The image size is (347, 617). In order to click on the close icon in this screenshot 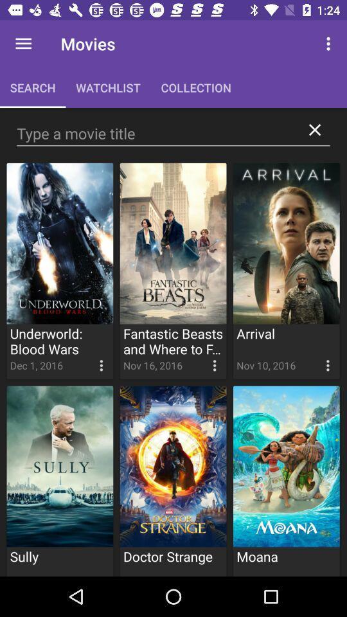, I will do `click(314, 130)`.